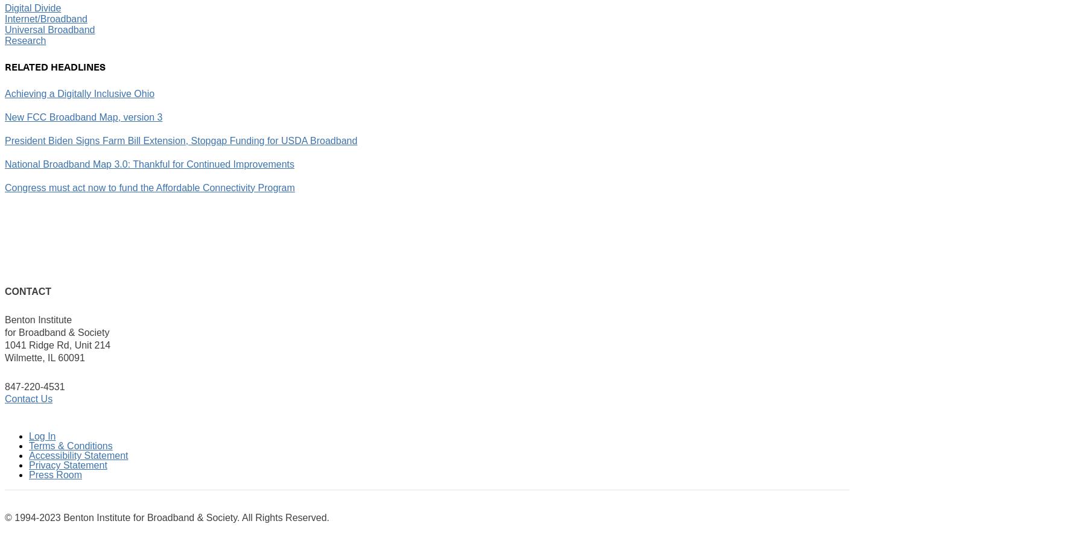  What do you see at coordinates (34, 385) in the screenshot?
I see `'847-220-4531'` at bounding box center [34, 385].